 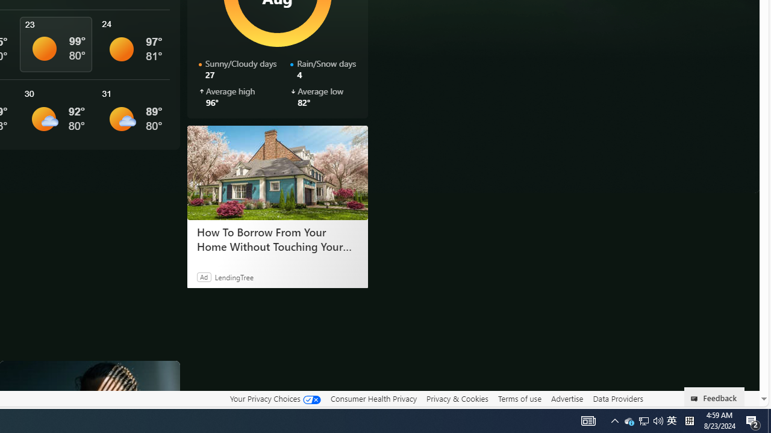 I want to click on 'Your Privacy Choices', so click(x=274, y=398).